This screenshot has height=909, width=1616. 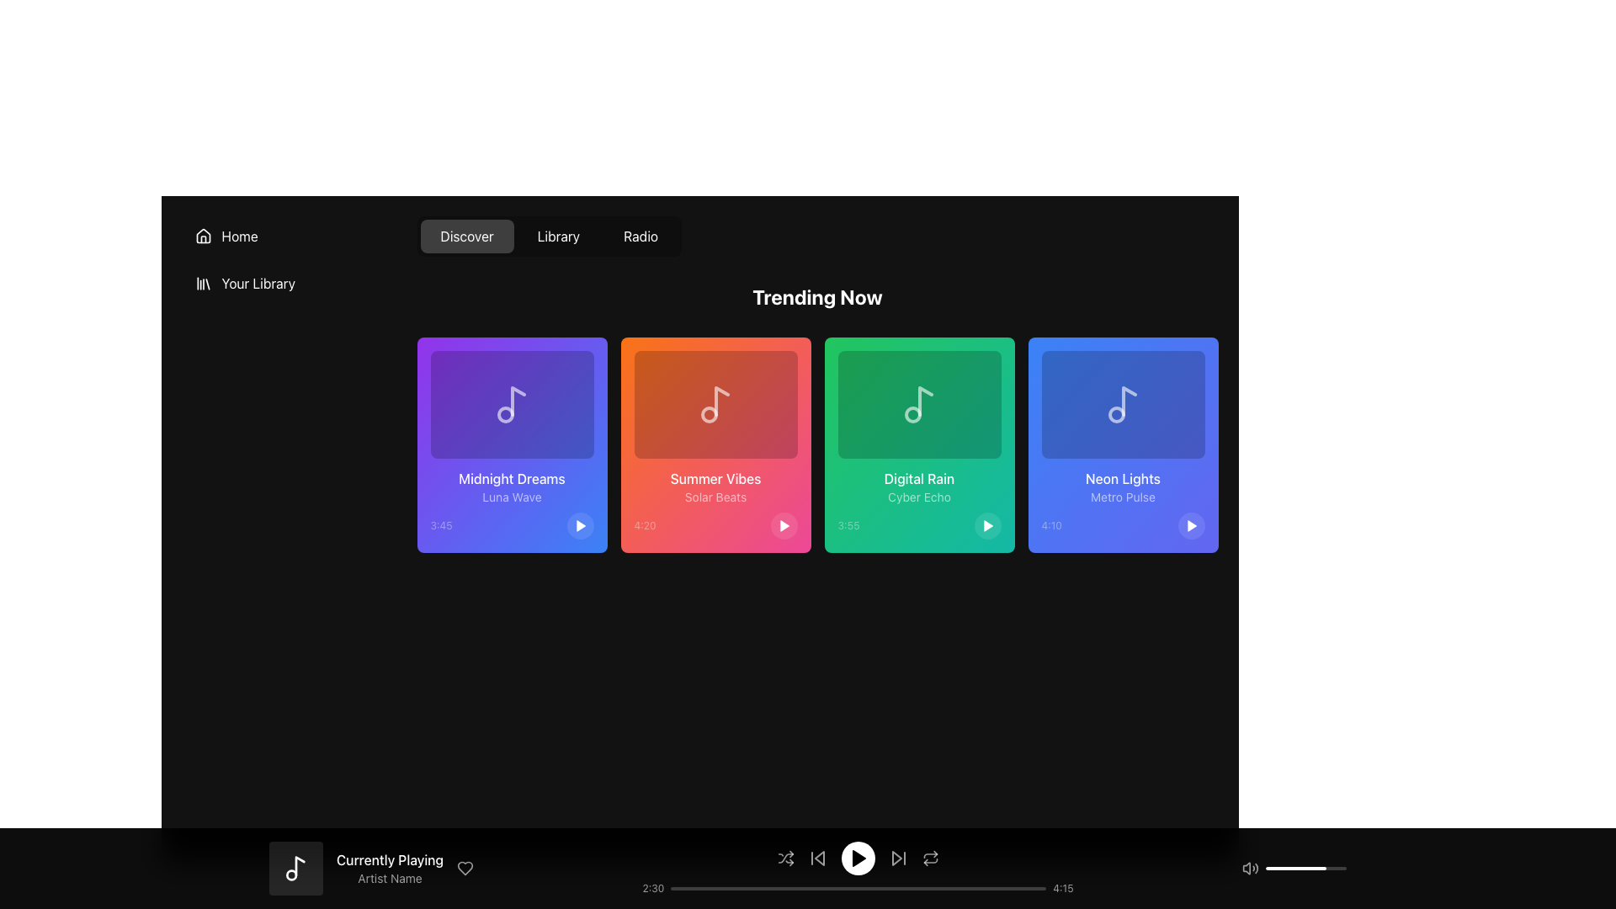 What do you see at coordinates (389, 869) in the screenshot?
I see `contents of the text label displaying the currently playing song and artist, located centrally in the bottom section of the application interface, between the music note icon and the heart icon` at bounding box center [389, 869].